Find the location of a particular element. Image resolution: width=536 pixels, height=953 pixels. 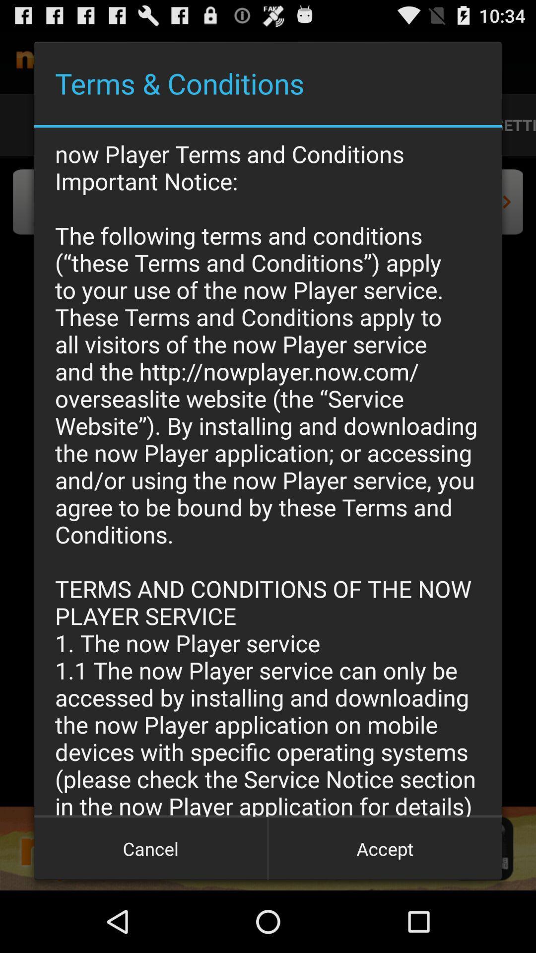

icon at the bottom left corner is located at coordinates (151, 848).